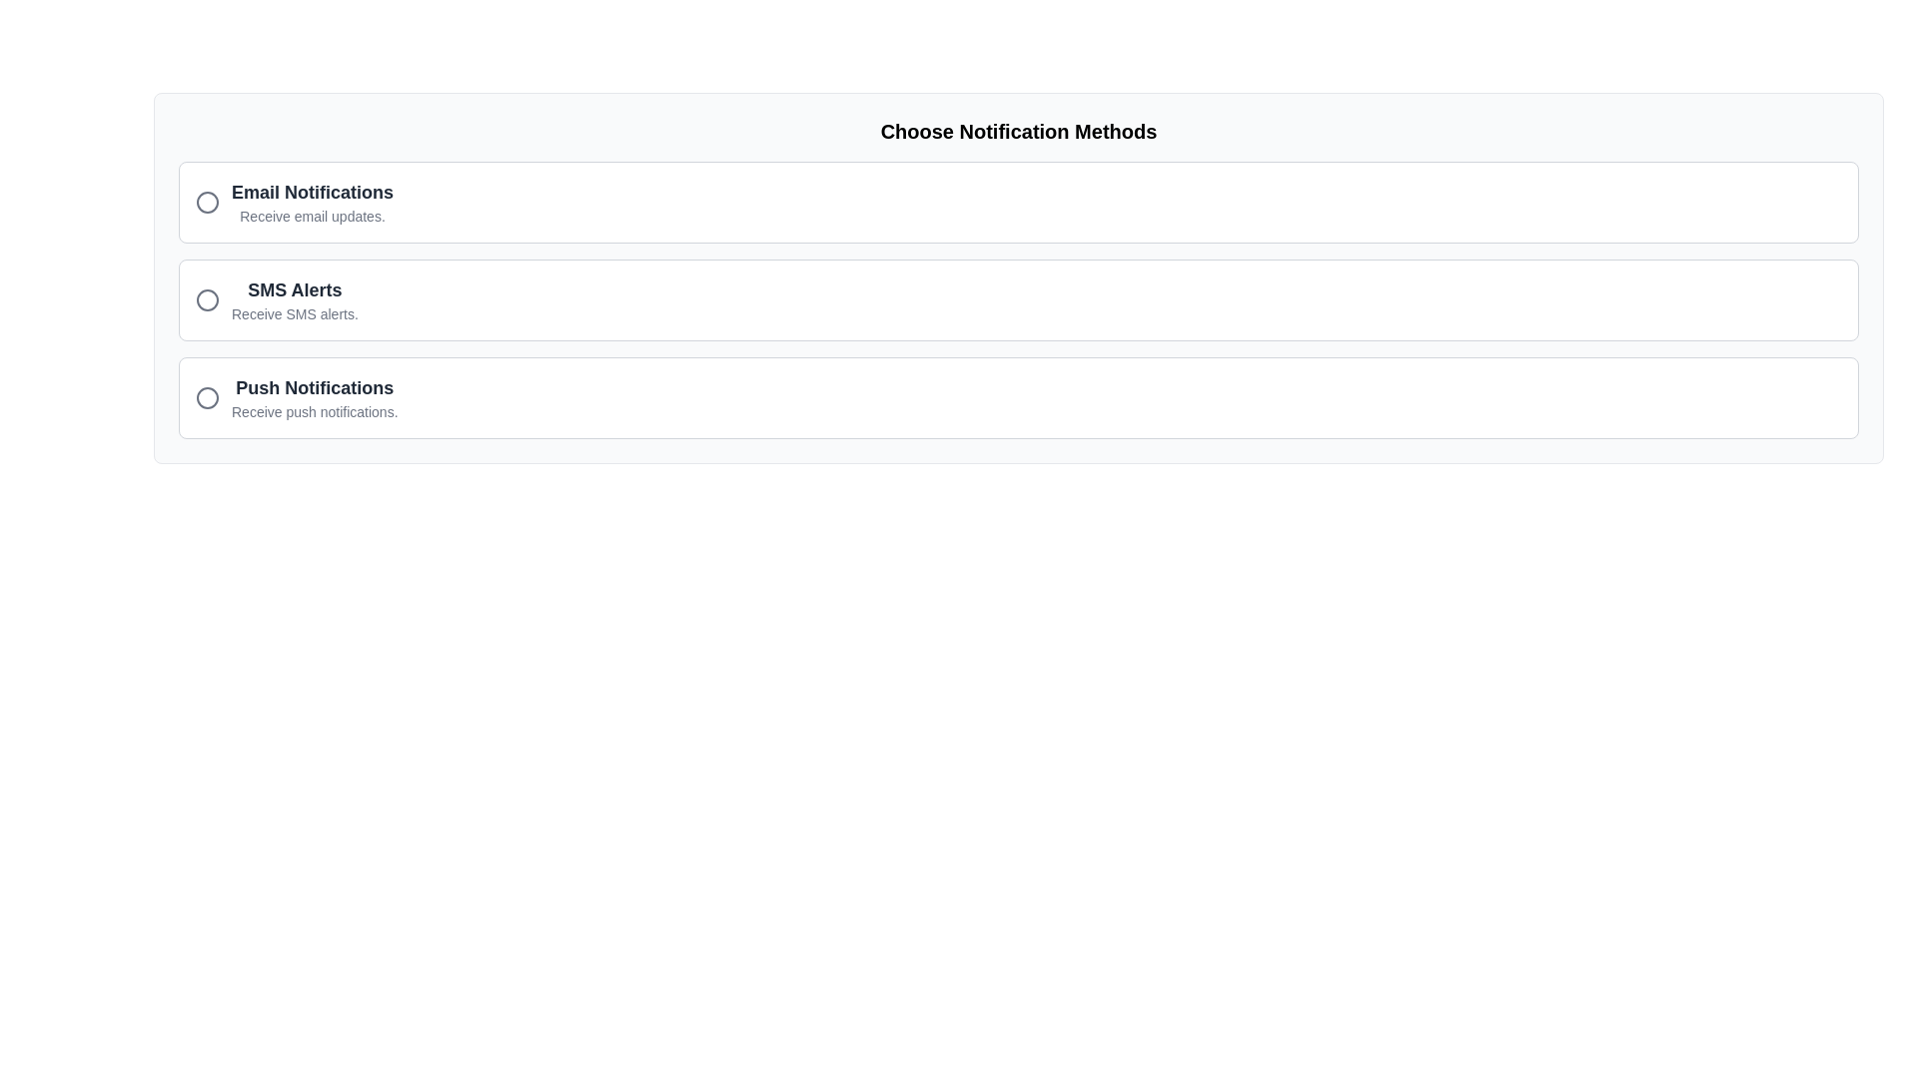  Describe the element at coordinates (311, 216) in the screenshot. I see `the text element that reads 'Receive email updates.' styled in a small, light gray font, located beneath the 'Email Notifications' title` at that location.